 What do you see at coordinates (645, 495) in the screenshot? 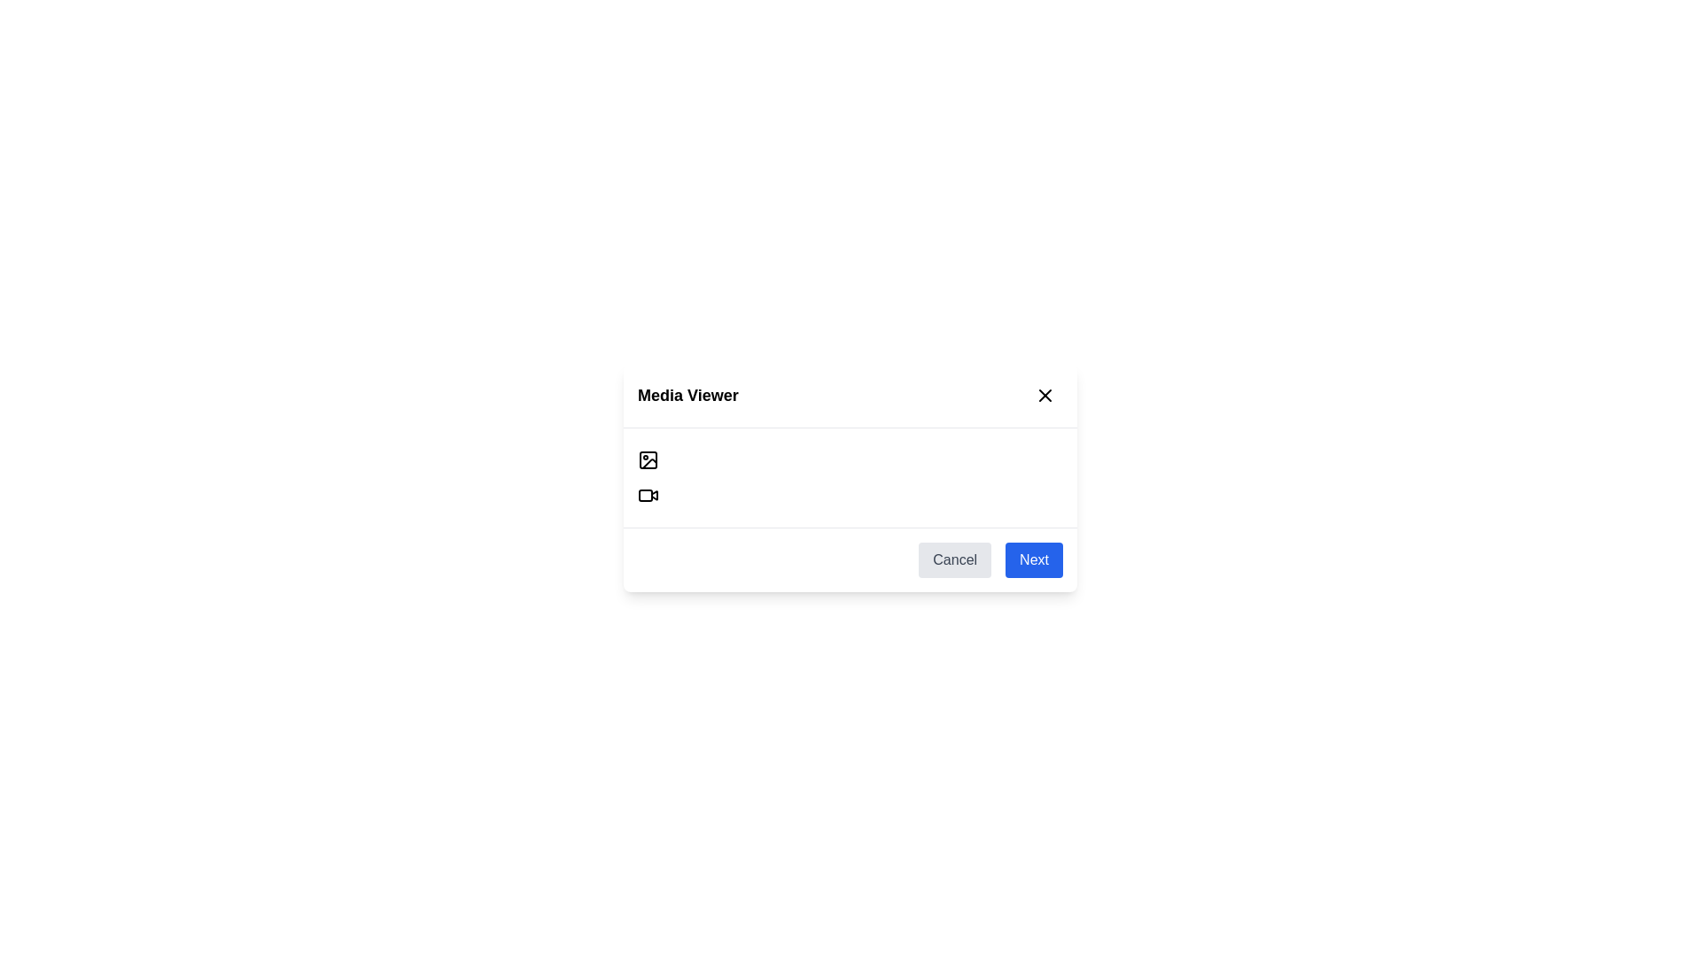
I see `the video media indicator icon located in the bottom section of the modal window` at bounding box center [645, 495].